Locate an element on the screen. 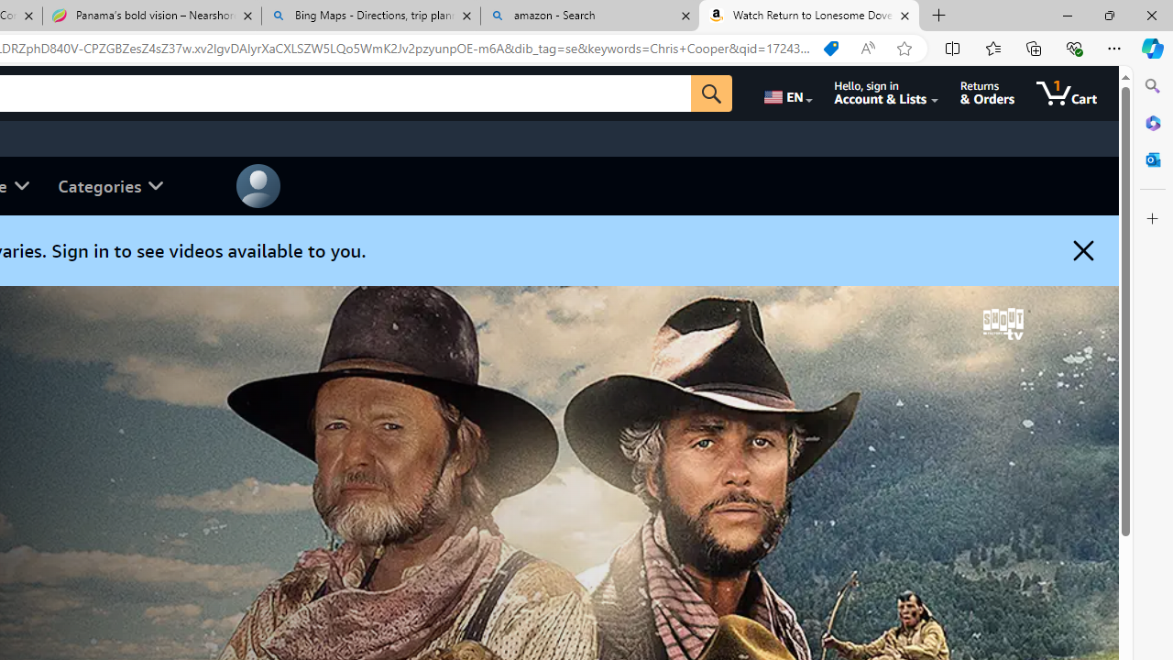  'Shopping in Microsoft Edge' is located at coordinates (829, 48).